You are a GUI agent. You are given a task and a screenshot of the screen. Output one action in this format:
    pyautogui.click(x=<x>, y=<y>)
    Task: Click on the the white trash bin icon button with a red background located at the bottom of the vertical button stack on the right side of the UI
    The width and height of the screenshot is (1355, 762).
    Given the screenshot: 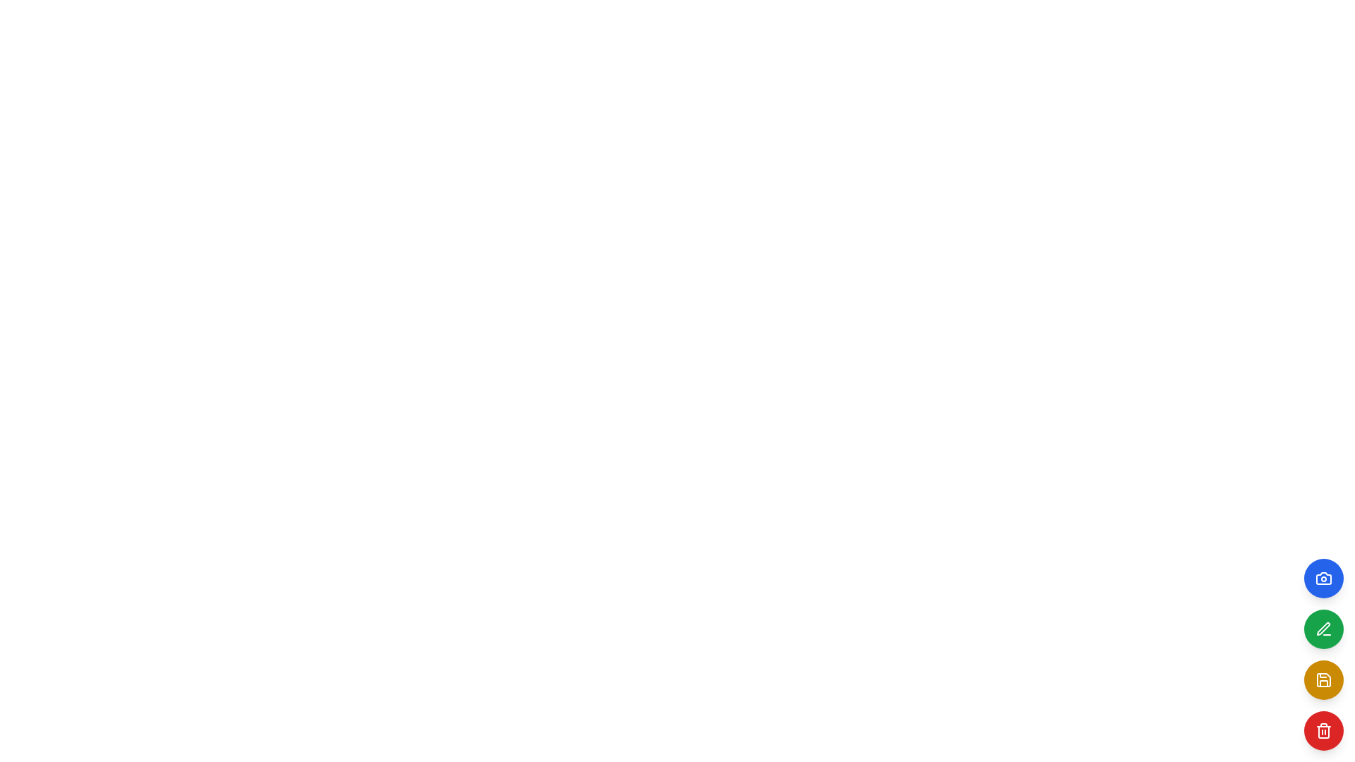 What is the action you would take?
    pyautogui.click(x=1323, y=730)
    